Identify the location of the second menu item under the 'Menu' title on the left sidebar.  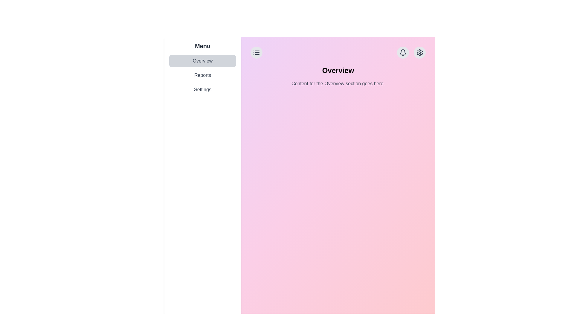
(202, 75).